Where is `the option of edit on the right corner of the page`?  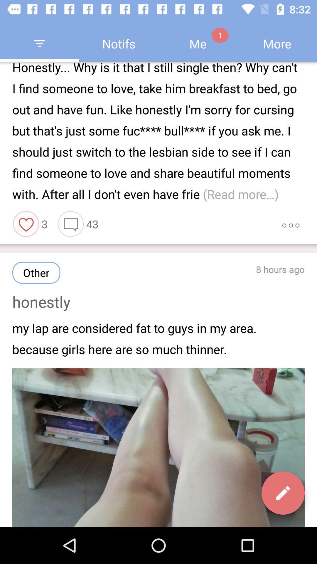 the option of edit on the right corner of the page is located at coordinates (283, 493).